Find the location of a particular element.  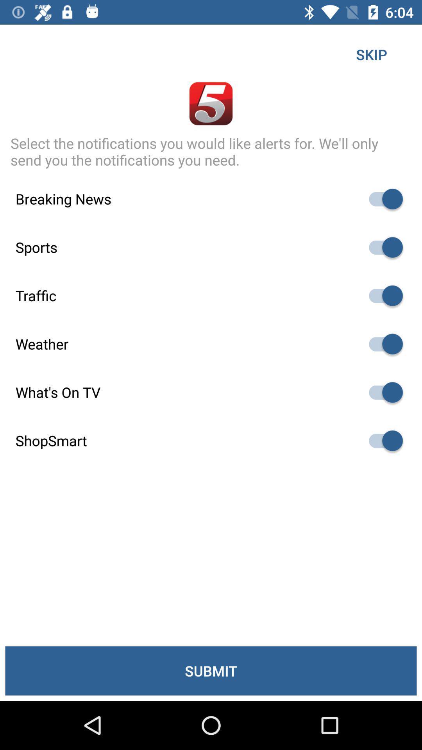

get notifications for tv is located at coordinates (382, 392).